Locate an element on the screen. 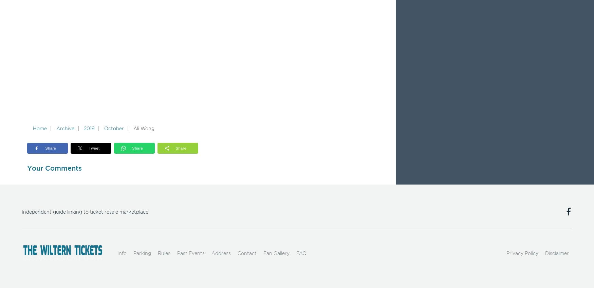 The height and width of the screenshot is (288, 594). 'Address' is located at coordinates (221, 253).